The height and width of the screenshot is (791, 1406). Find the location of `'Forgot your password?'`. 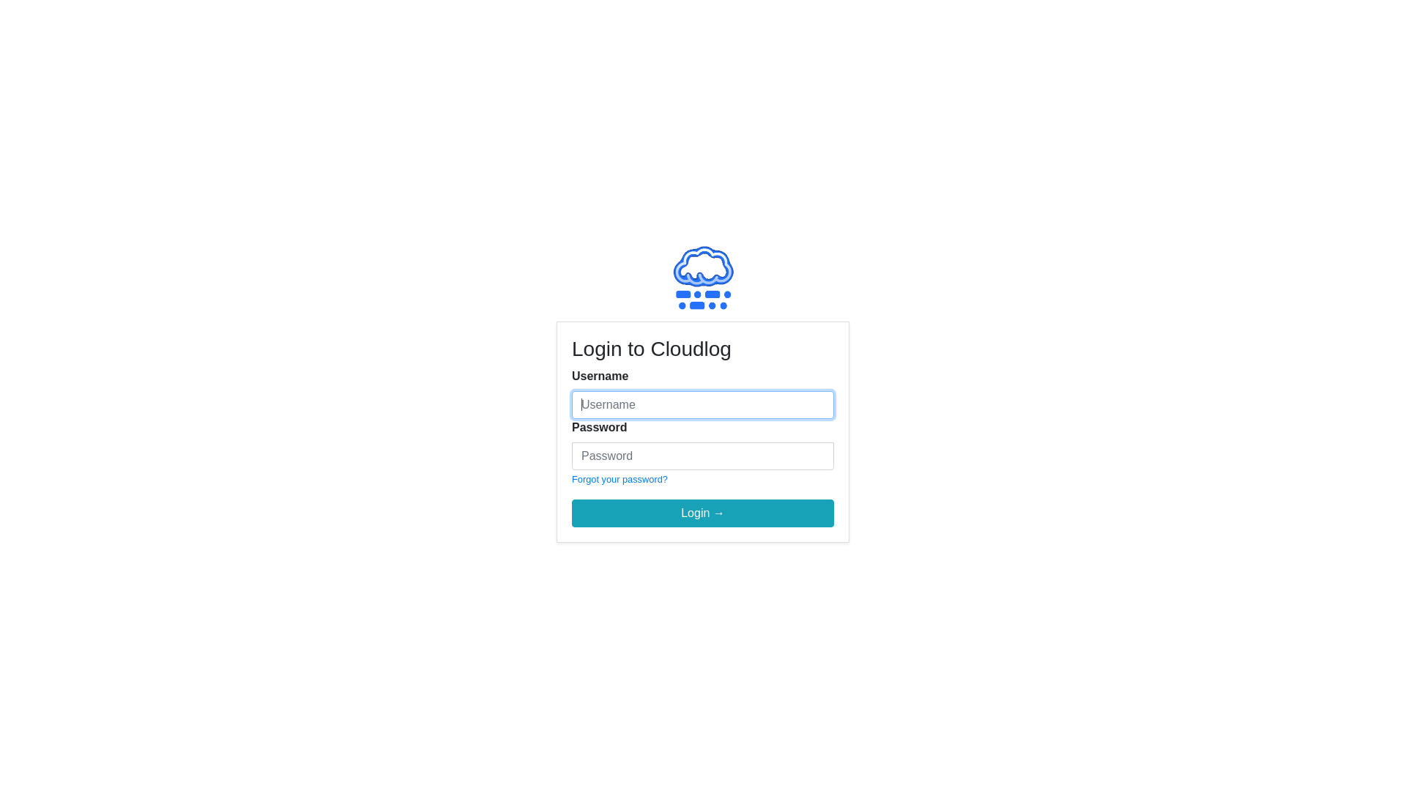

'Forgot your password?' is located at coordinates (620, 479).